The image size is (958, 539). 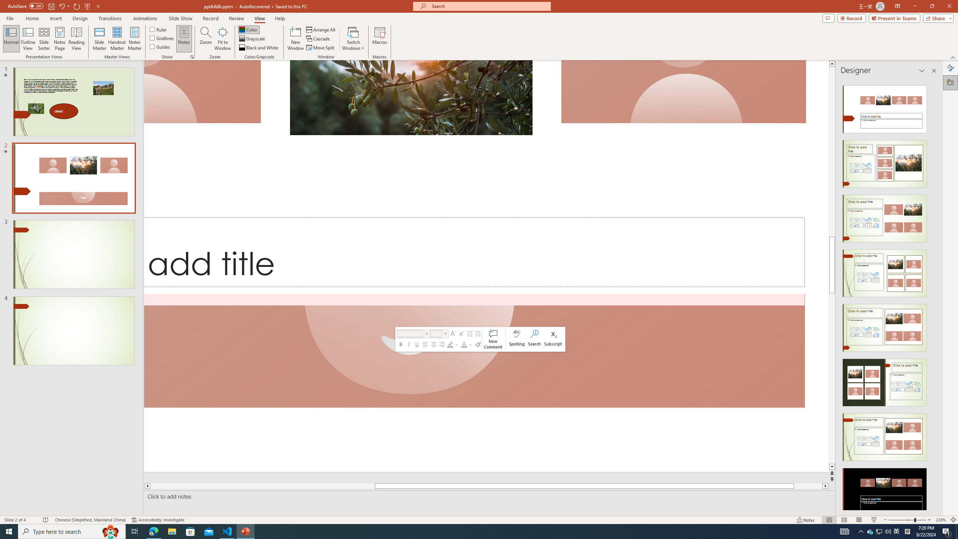 What do you see at coordinates (950, 67) in the screenshot?
I see `'Format Background'` at bounding box center [950, 67].